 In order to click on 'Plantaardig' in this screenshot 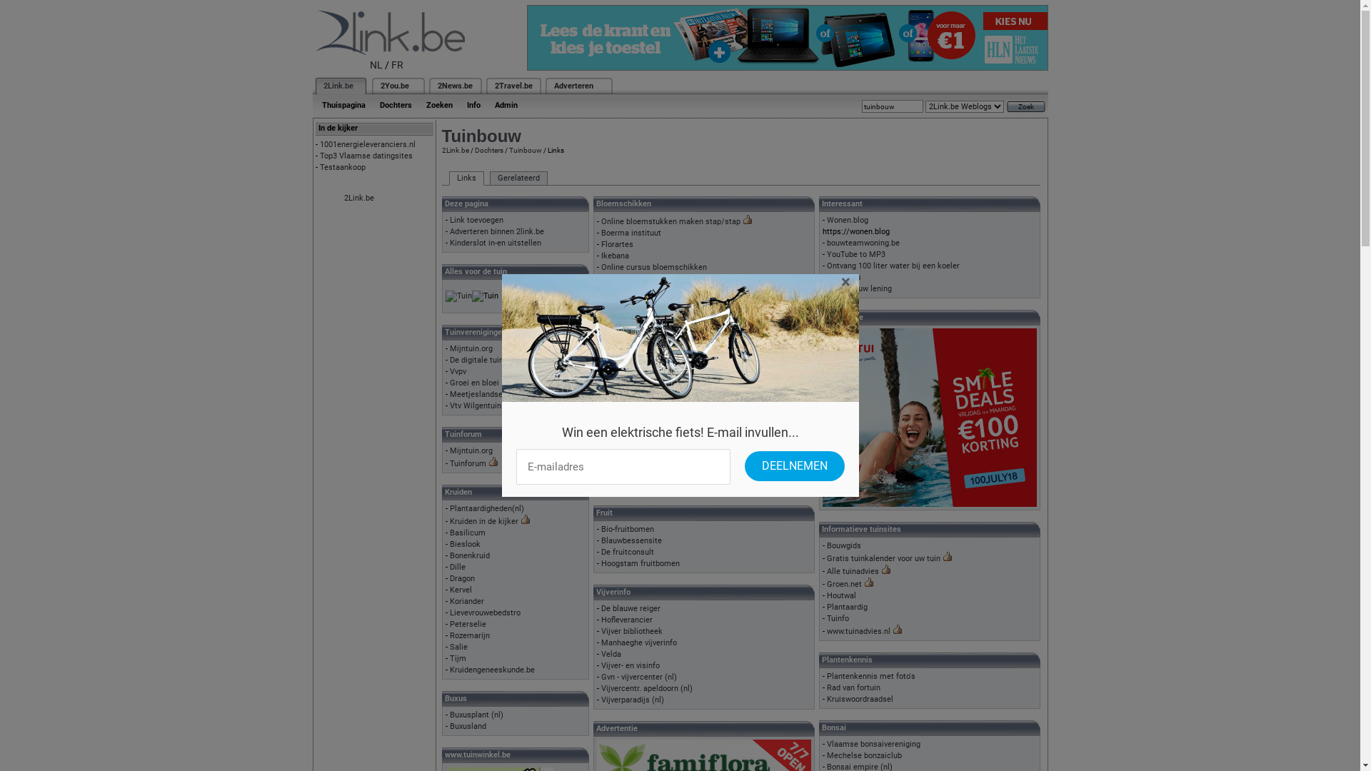, I will do `click(847, 607)`.